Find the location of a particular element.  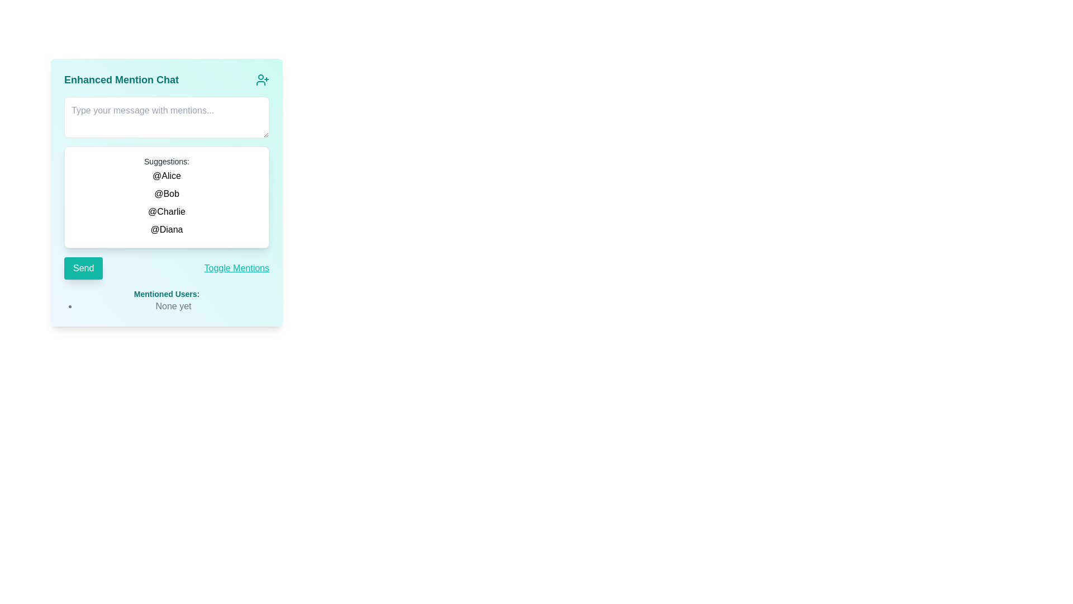

the third list item (clickable text) in the 'Suggestions:' panel, which is used for selecting user mentions or tags is located at coordinates (166, 202).